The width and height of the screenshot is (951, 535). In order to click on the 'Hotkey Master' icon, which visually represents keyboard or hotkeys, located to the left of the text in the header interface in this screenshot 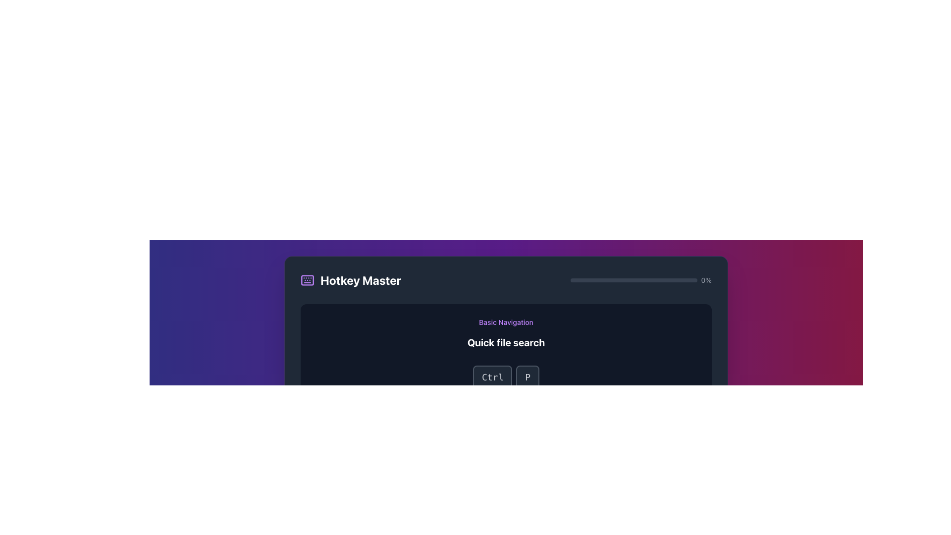, I will do `click(307, 280)`.